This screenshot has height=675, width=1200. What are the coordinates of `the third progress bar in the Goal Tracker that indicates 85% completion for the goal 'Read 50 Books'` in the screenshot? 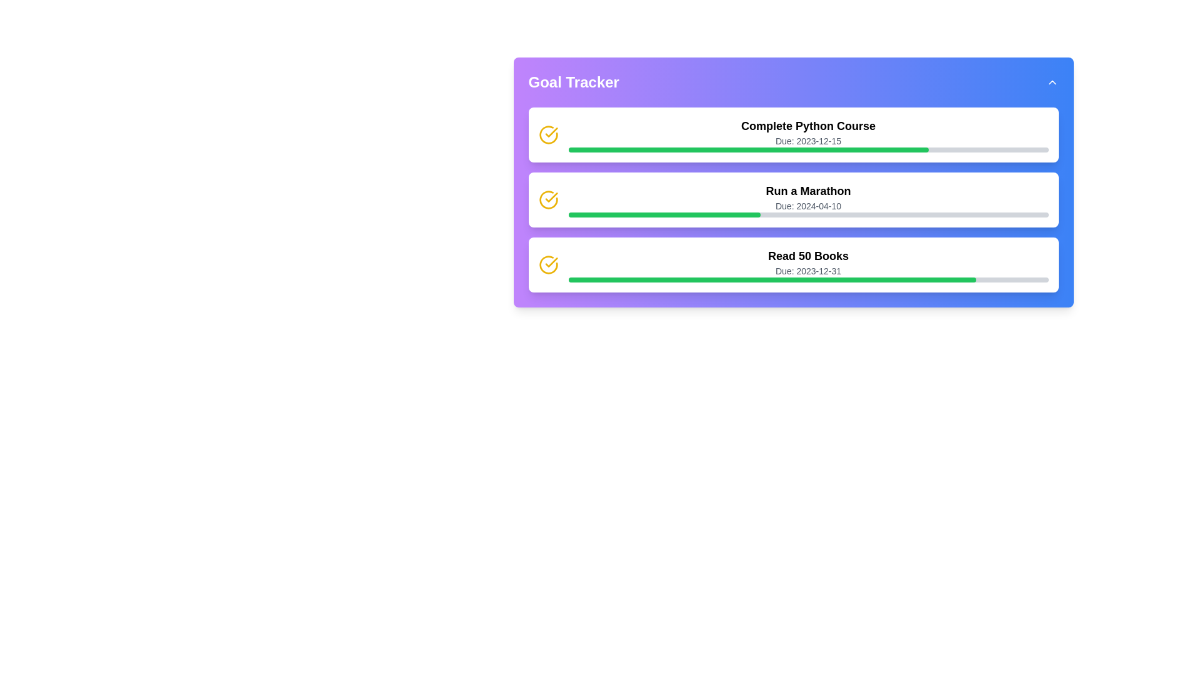 It's located at (808, 279).